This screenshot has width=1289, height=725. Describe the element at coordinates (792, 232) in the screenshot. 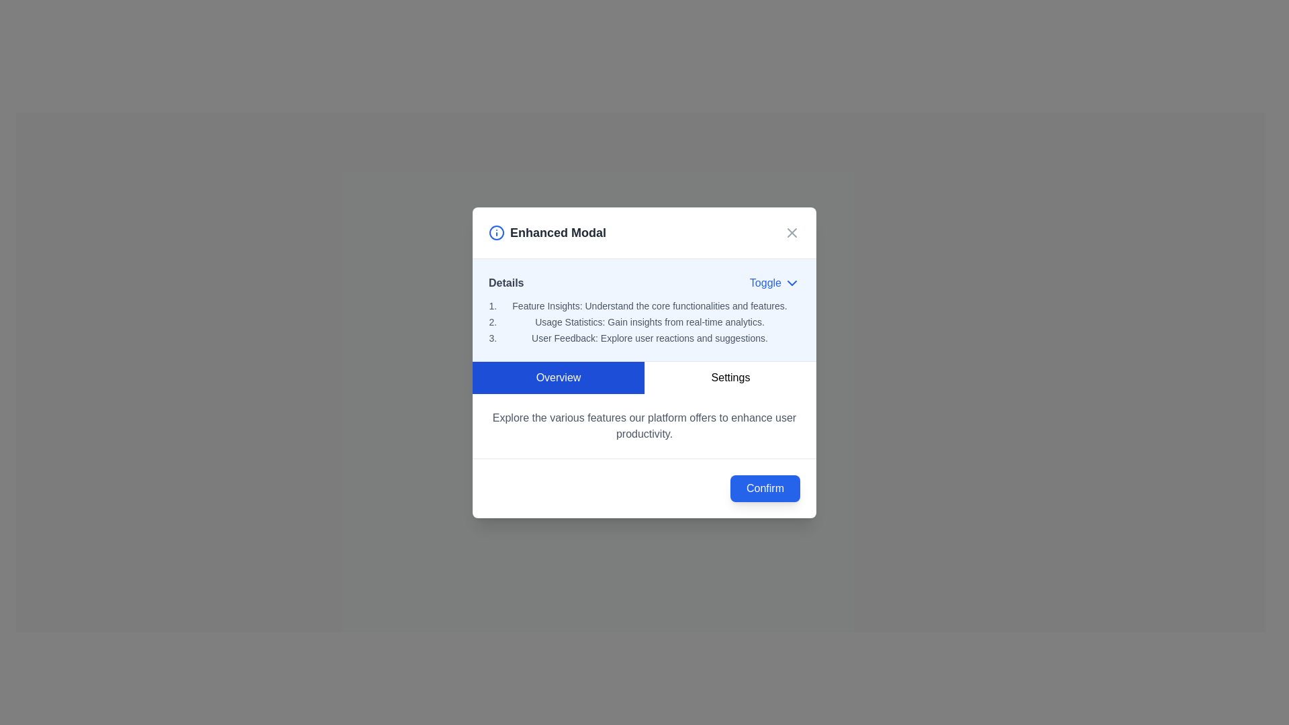

I see `the Close button (icon) located in the top-right corner of the 'Enhanced Modal'` at that location.